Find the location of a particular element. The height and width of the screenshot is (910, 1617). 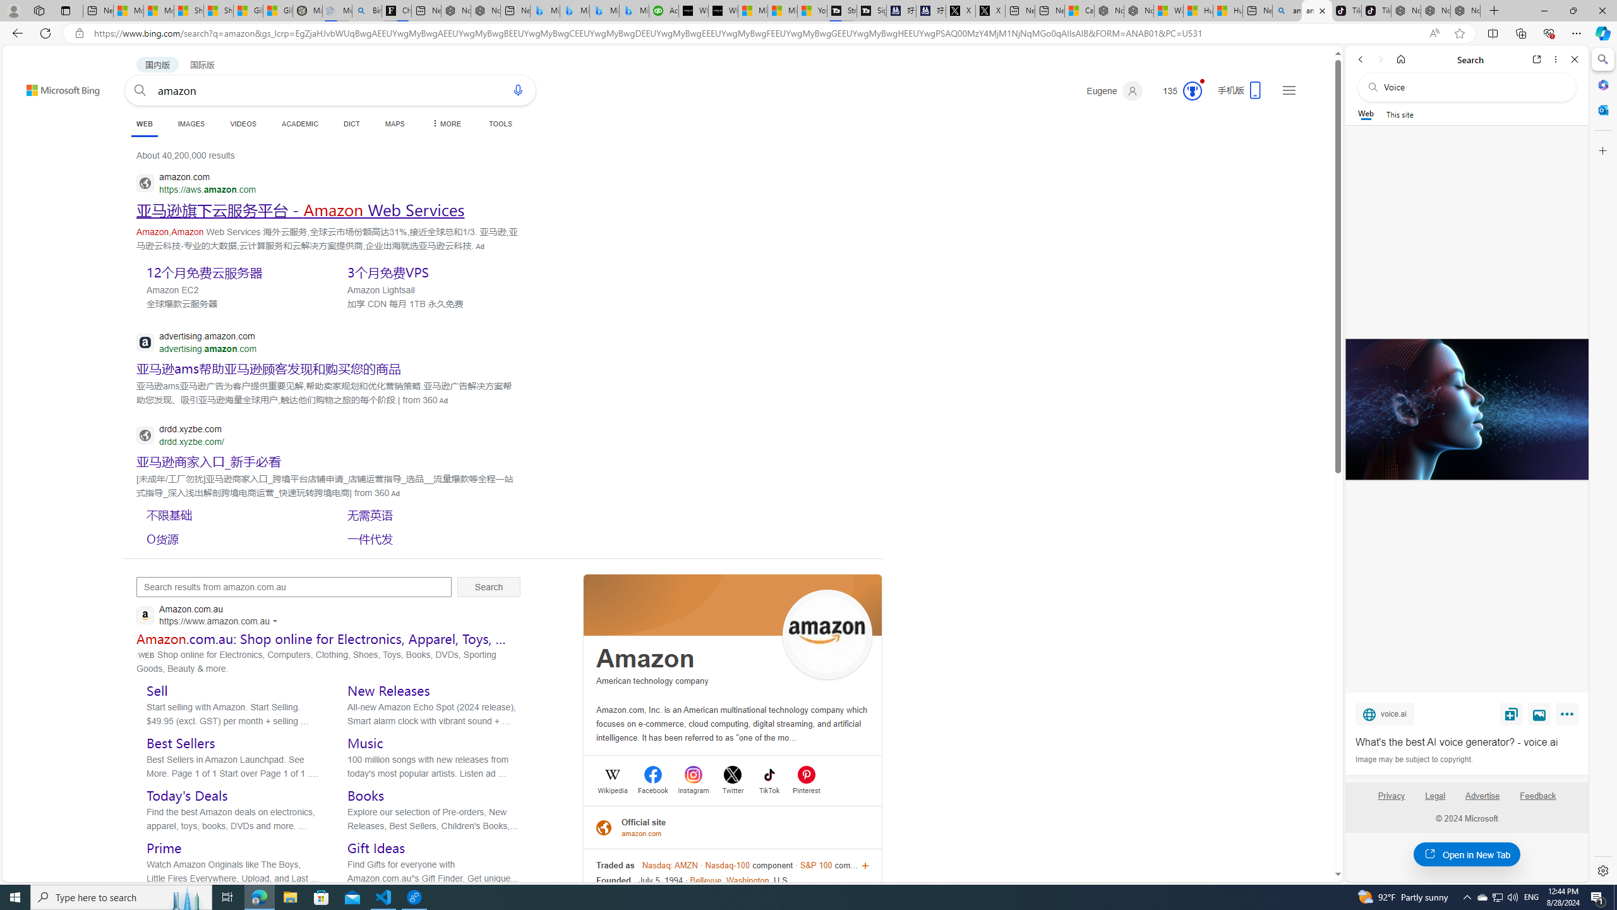

'Privacy' is located at coordinates (1390, 796).